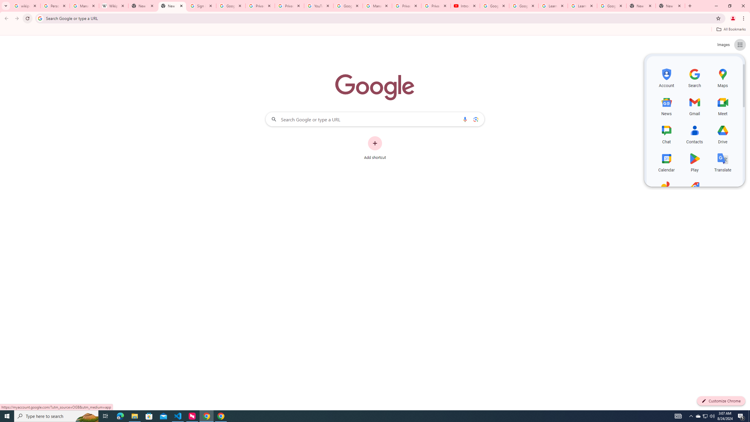  I want to click on 'Search by voice', so click(465, 119).